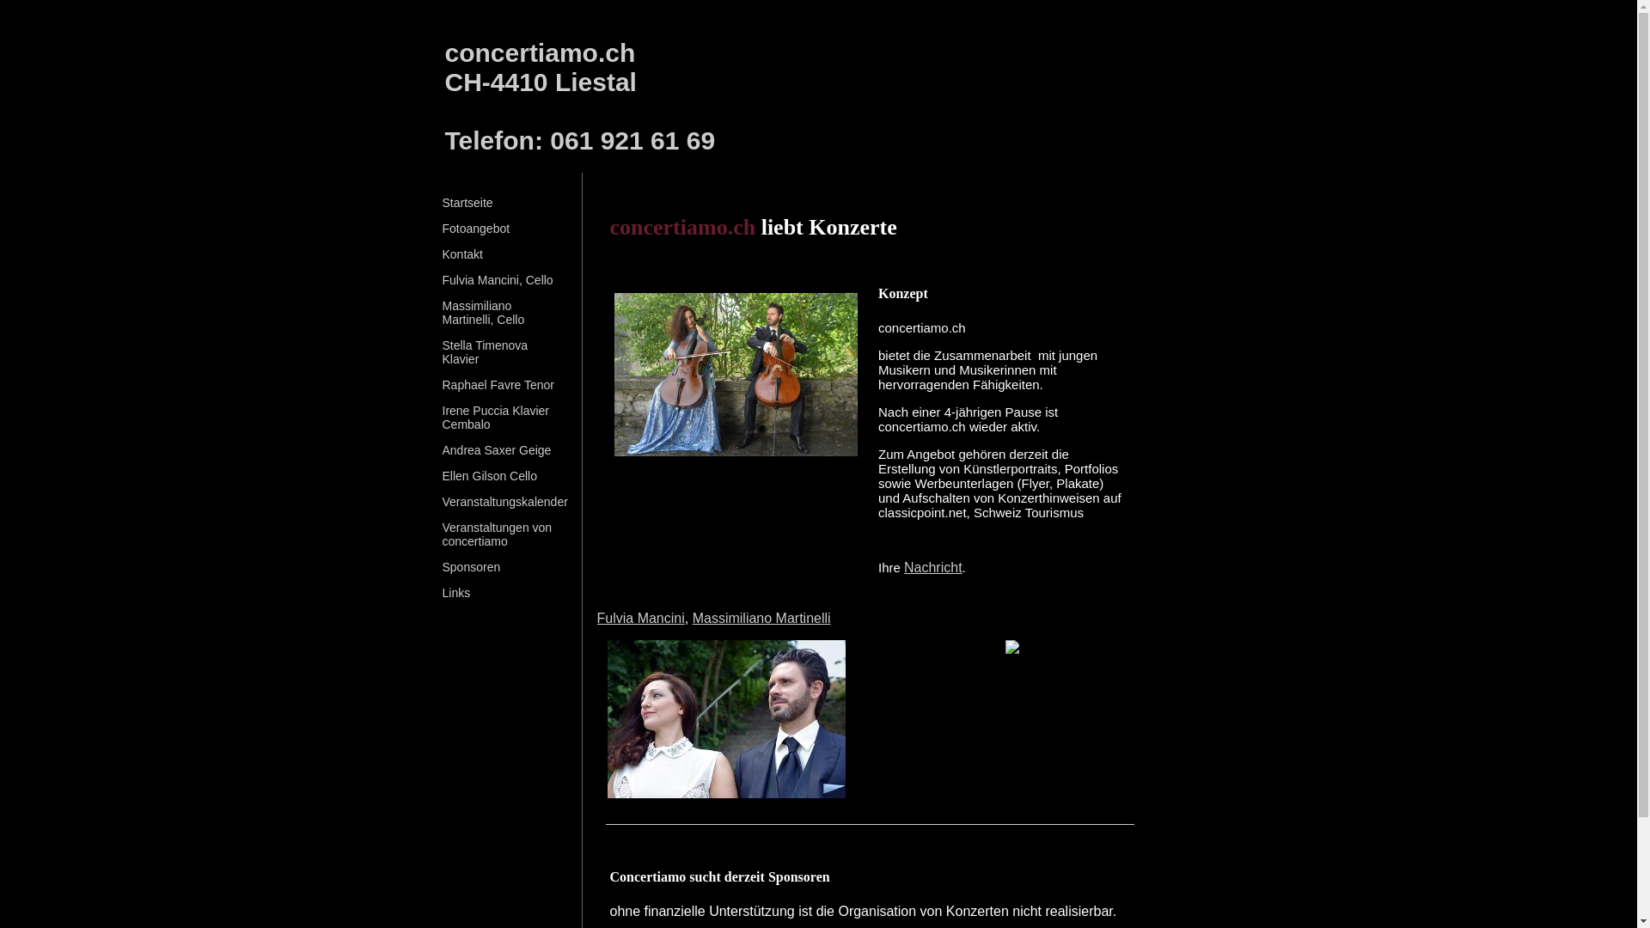  What do you see at coordinates (639, 617) in the screenshot?
I see `'Fulvia Mancini'` at bounding box center [639, 617].